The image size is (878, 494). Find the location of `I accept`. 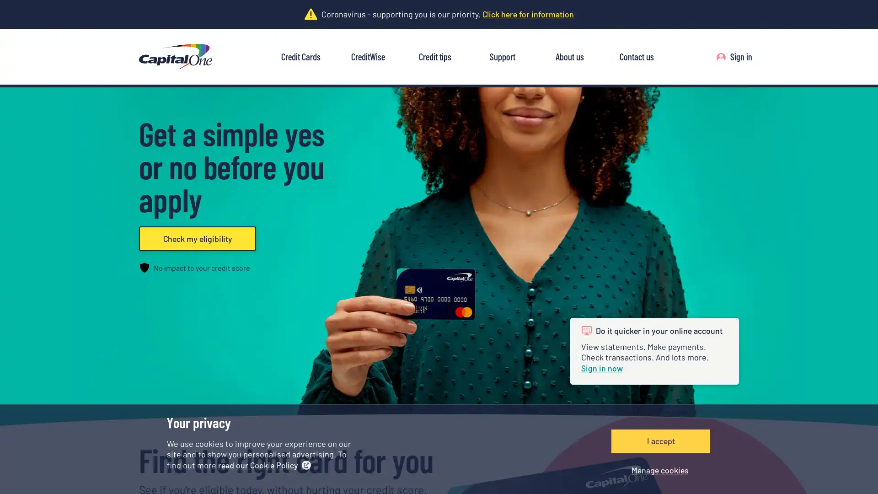

I accept is located at coordinates (660, 440).